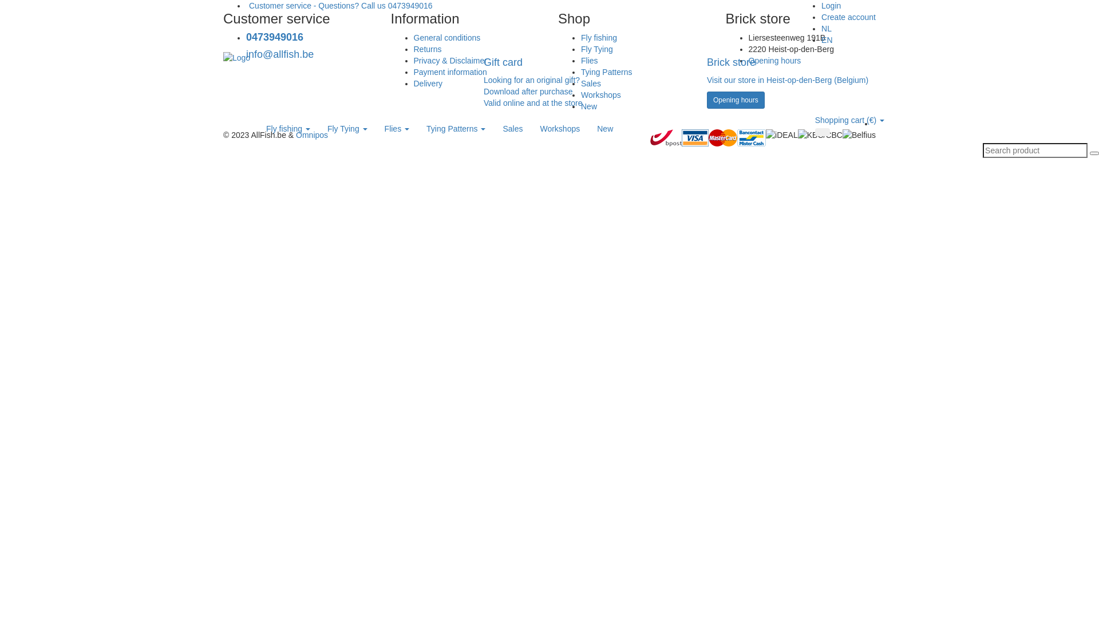  Describe the element at coordinates (604, 128) in the screenshot. I see `'New'` at that location.